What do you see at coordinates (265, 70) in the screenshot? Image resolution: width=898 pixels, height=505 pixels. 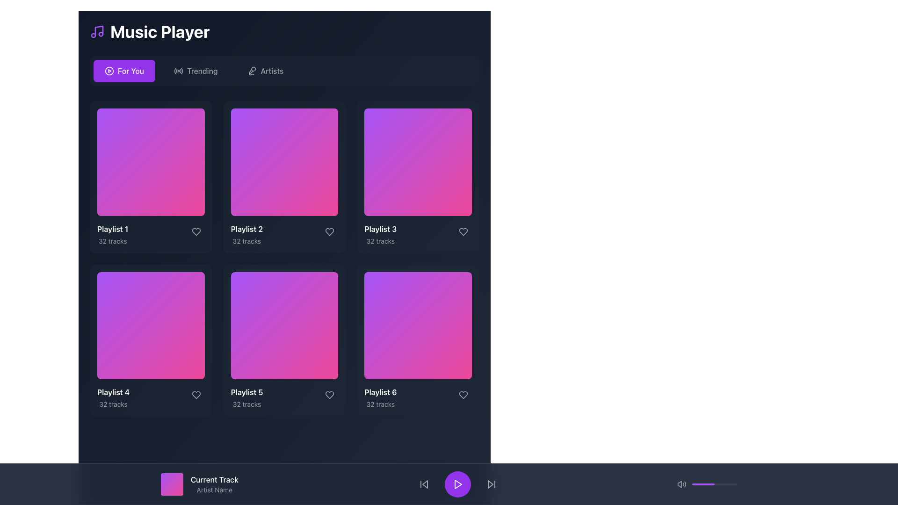 I see `the third button in the horizontal row of options located in the upper section of the interface` at bounding box center [265, 70].